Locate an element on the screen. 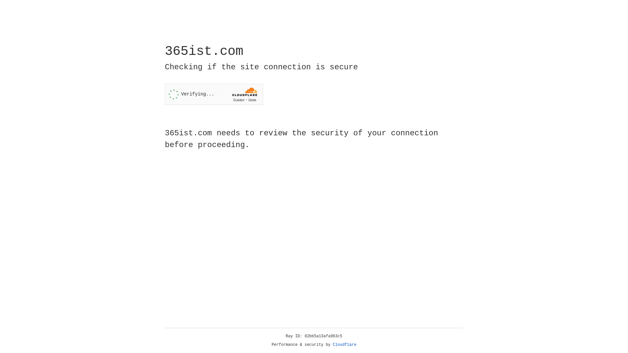 This screenshot has height=353, width=628. 'Cloudflare' is located at coordinates (344, 345).